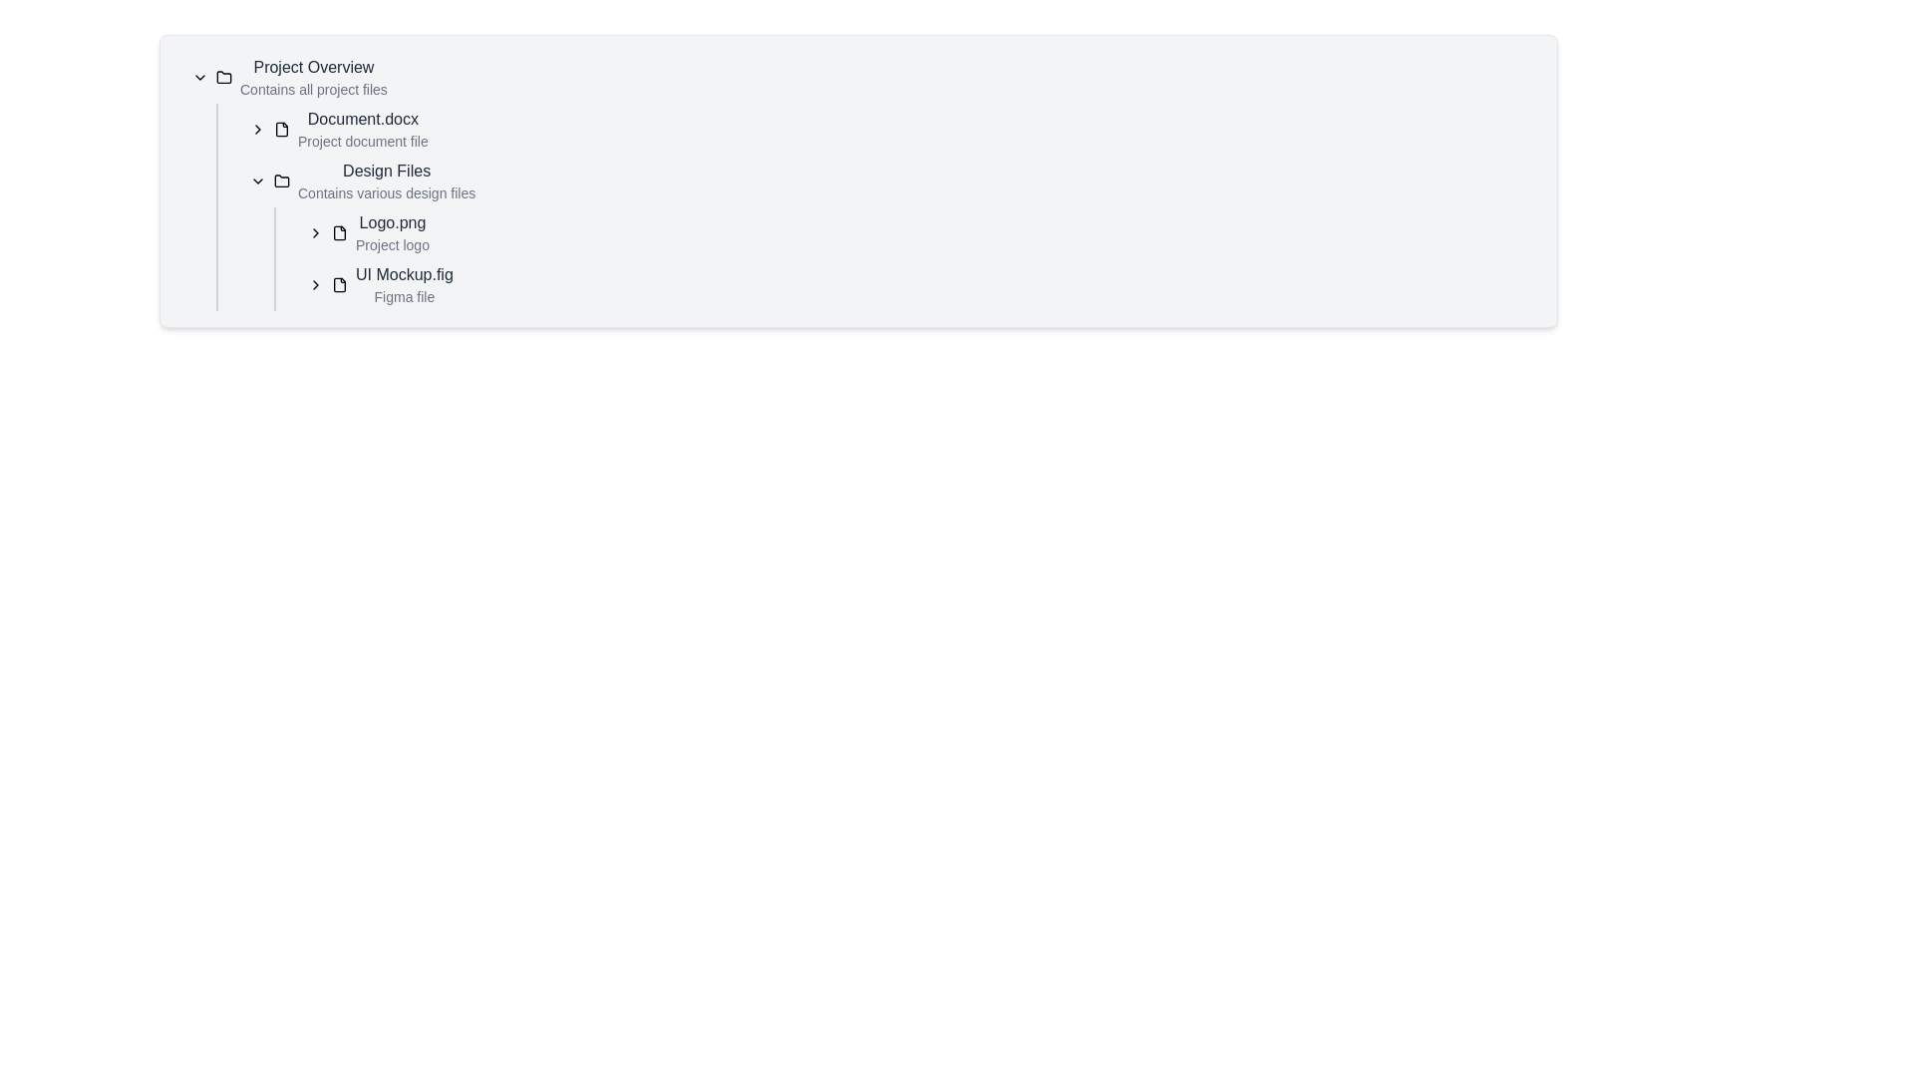  What do you see at coordinates (392, 222) in the screenshot?
I see `the text label identifying the file entry 'Logo.png' within the 'Design Files' section under 'Project Overview'` at bounding box center [392, 222].